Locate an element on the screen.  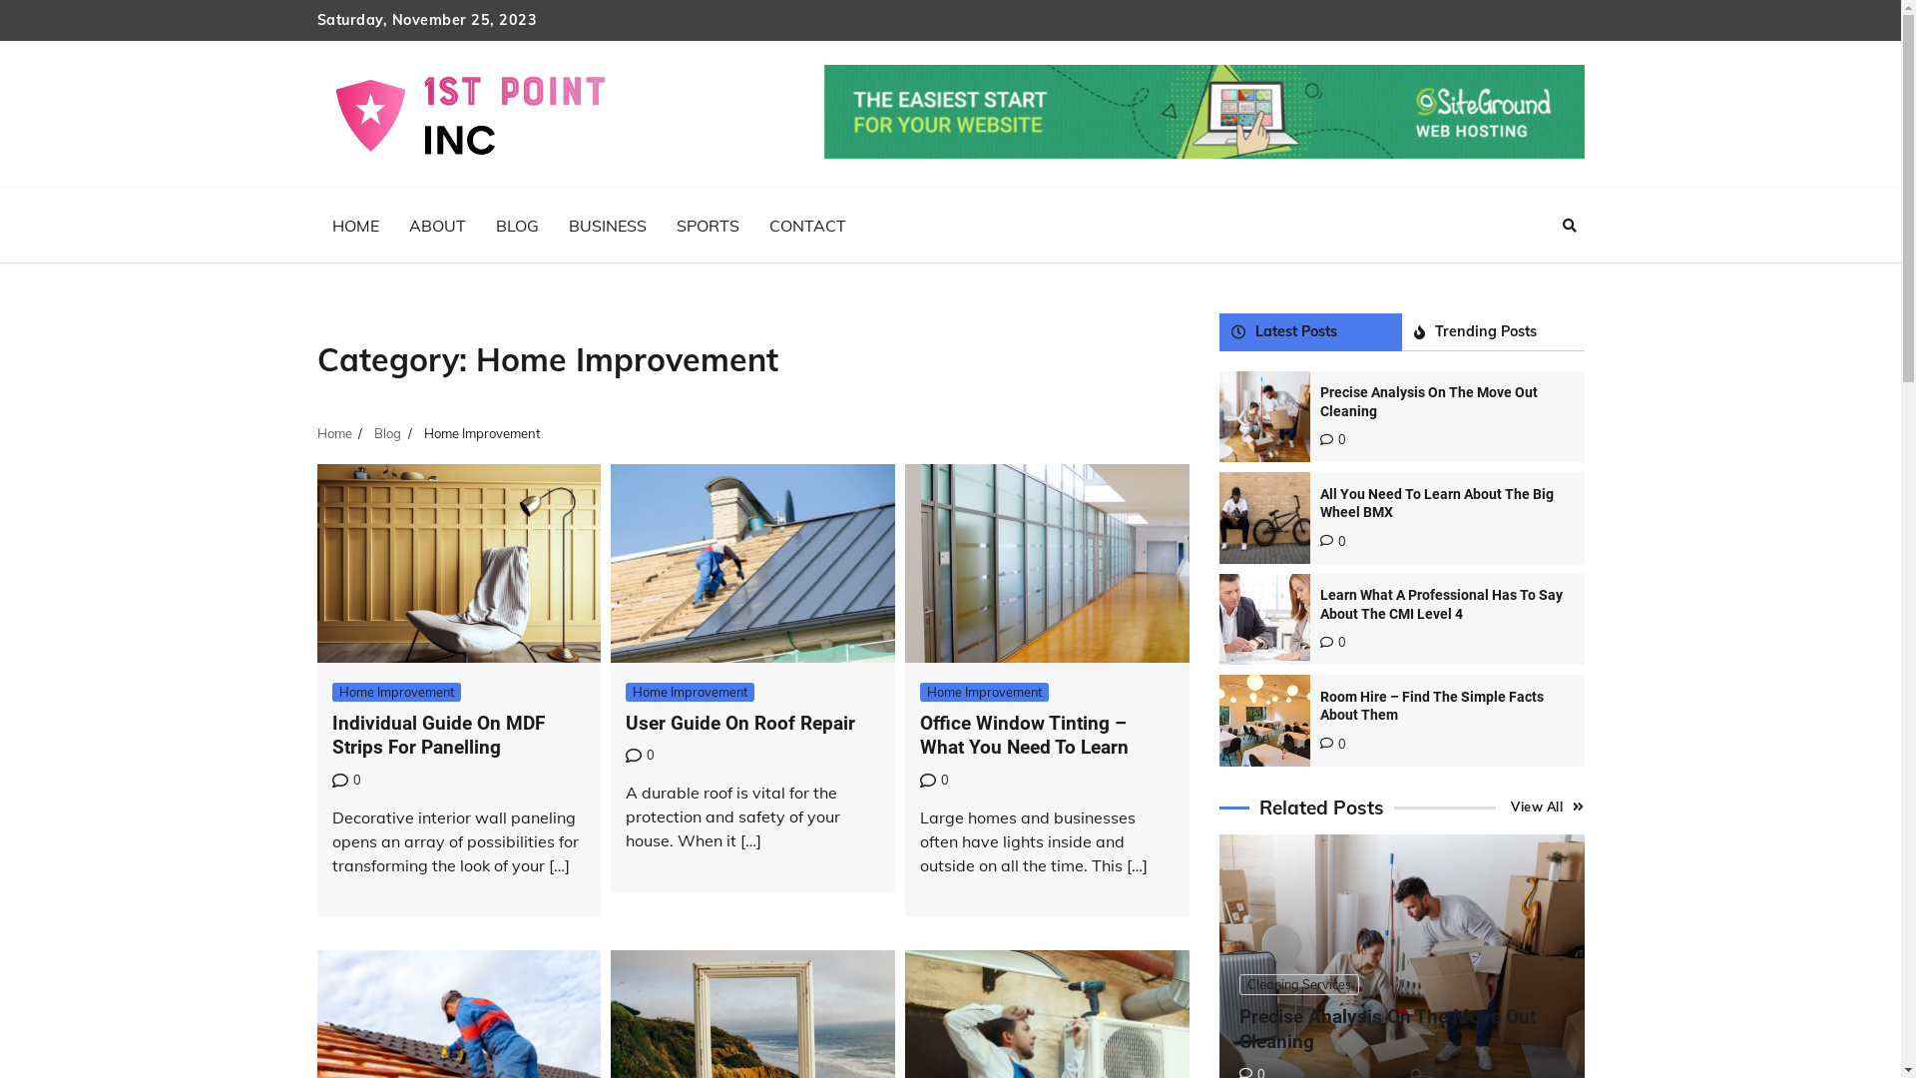
'BLOG' is located at coordinates (517, 225).